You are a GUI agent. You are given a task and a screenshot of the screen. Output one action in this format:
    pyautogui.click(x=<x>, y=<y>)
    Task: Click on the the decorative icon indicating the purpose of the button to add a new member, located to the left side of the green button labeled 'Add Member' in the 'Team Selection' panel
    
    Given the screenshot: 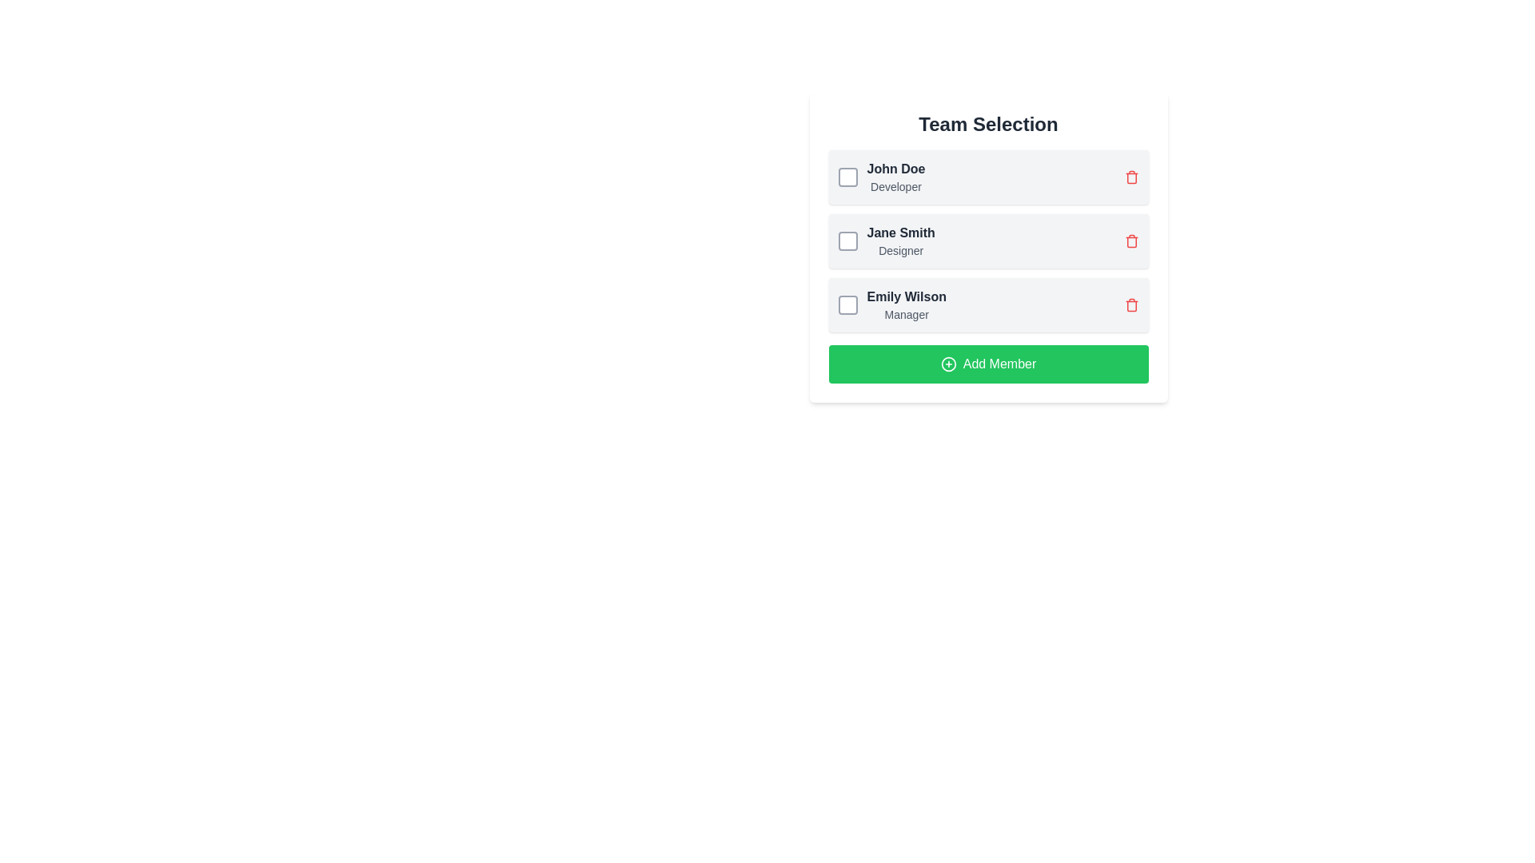 What is the action you would take?
    pyautogui.click(x=948, y=364)
    